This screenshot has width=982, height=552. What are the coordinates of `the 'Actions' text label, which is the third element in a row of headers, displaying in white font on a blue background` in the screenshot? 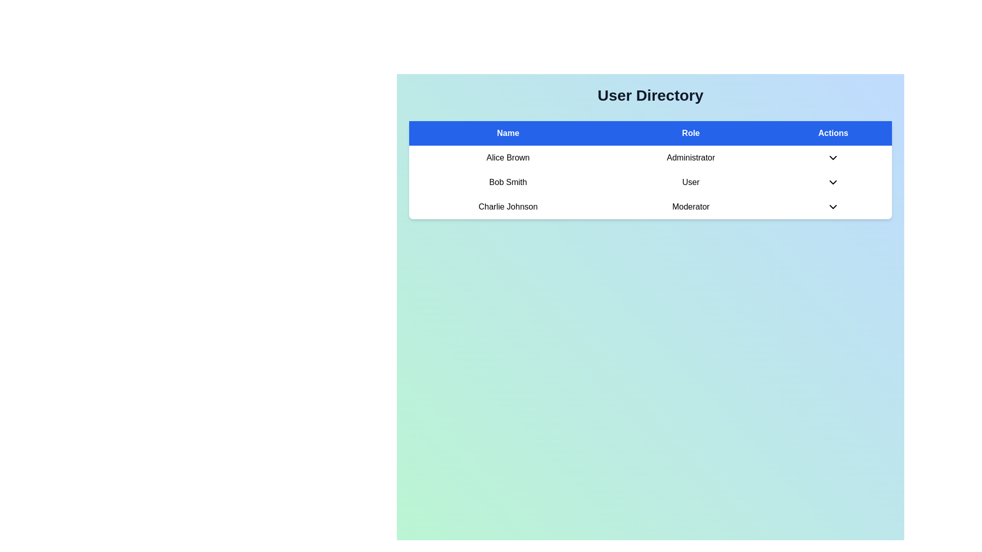 It's located at (833, 133).